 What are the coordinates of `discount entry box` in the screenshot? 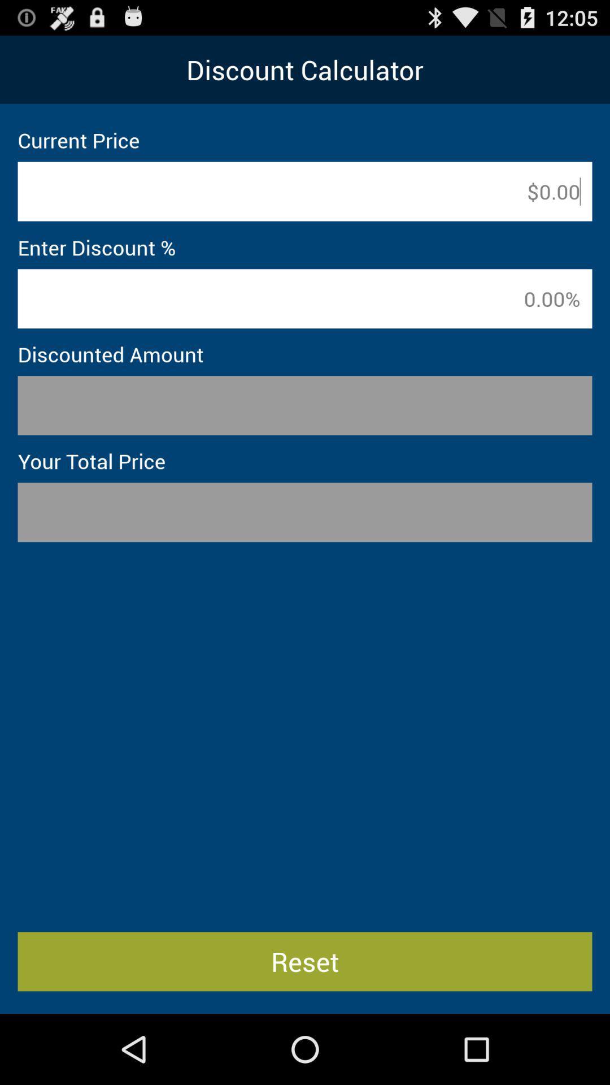 It's located at (305, 298).